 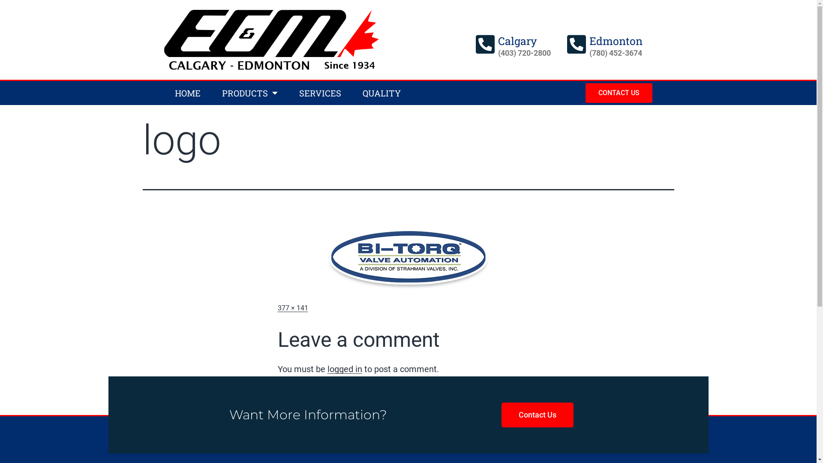 I want to click on 'SERVICES', so click(x=319, y=93).